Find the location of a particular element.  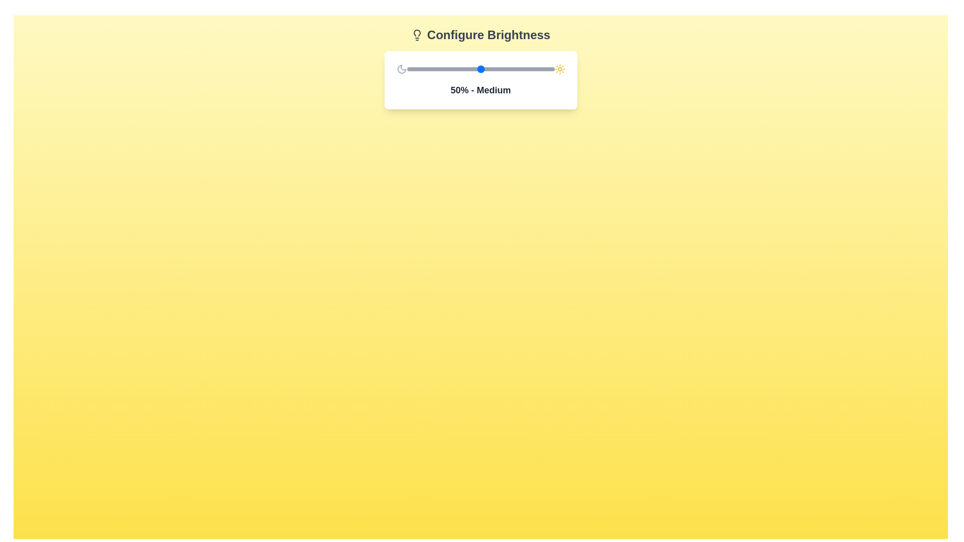

the brightness slider to 10% is located at coordinates (421, 69).